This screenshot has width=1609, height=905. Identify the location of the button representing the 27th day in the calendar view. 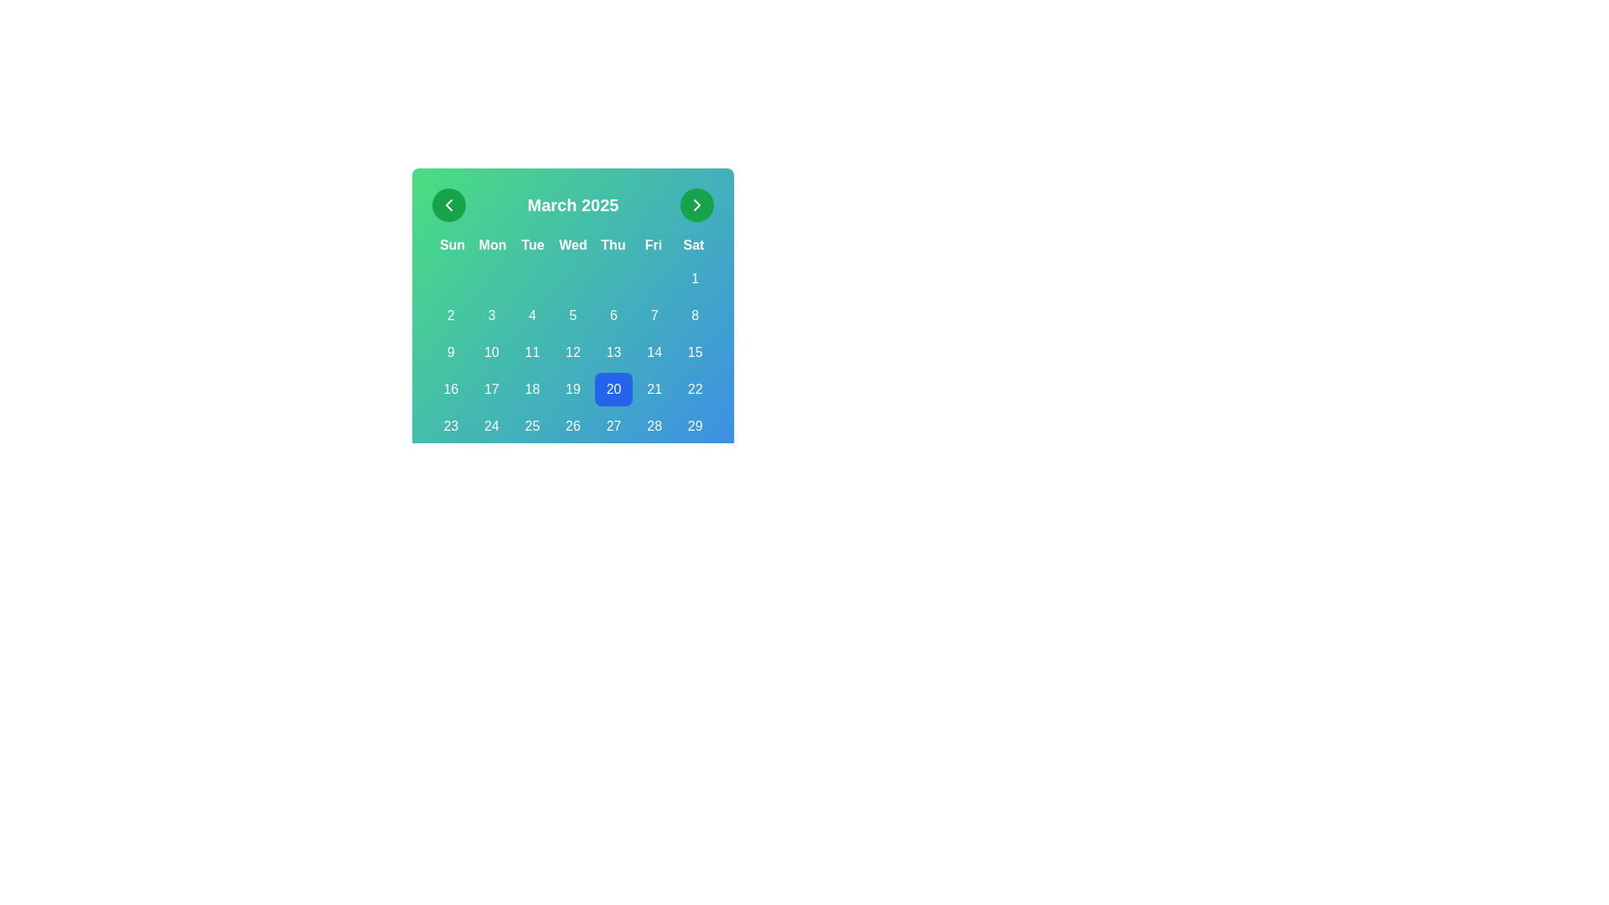
(613, 426).